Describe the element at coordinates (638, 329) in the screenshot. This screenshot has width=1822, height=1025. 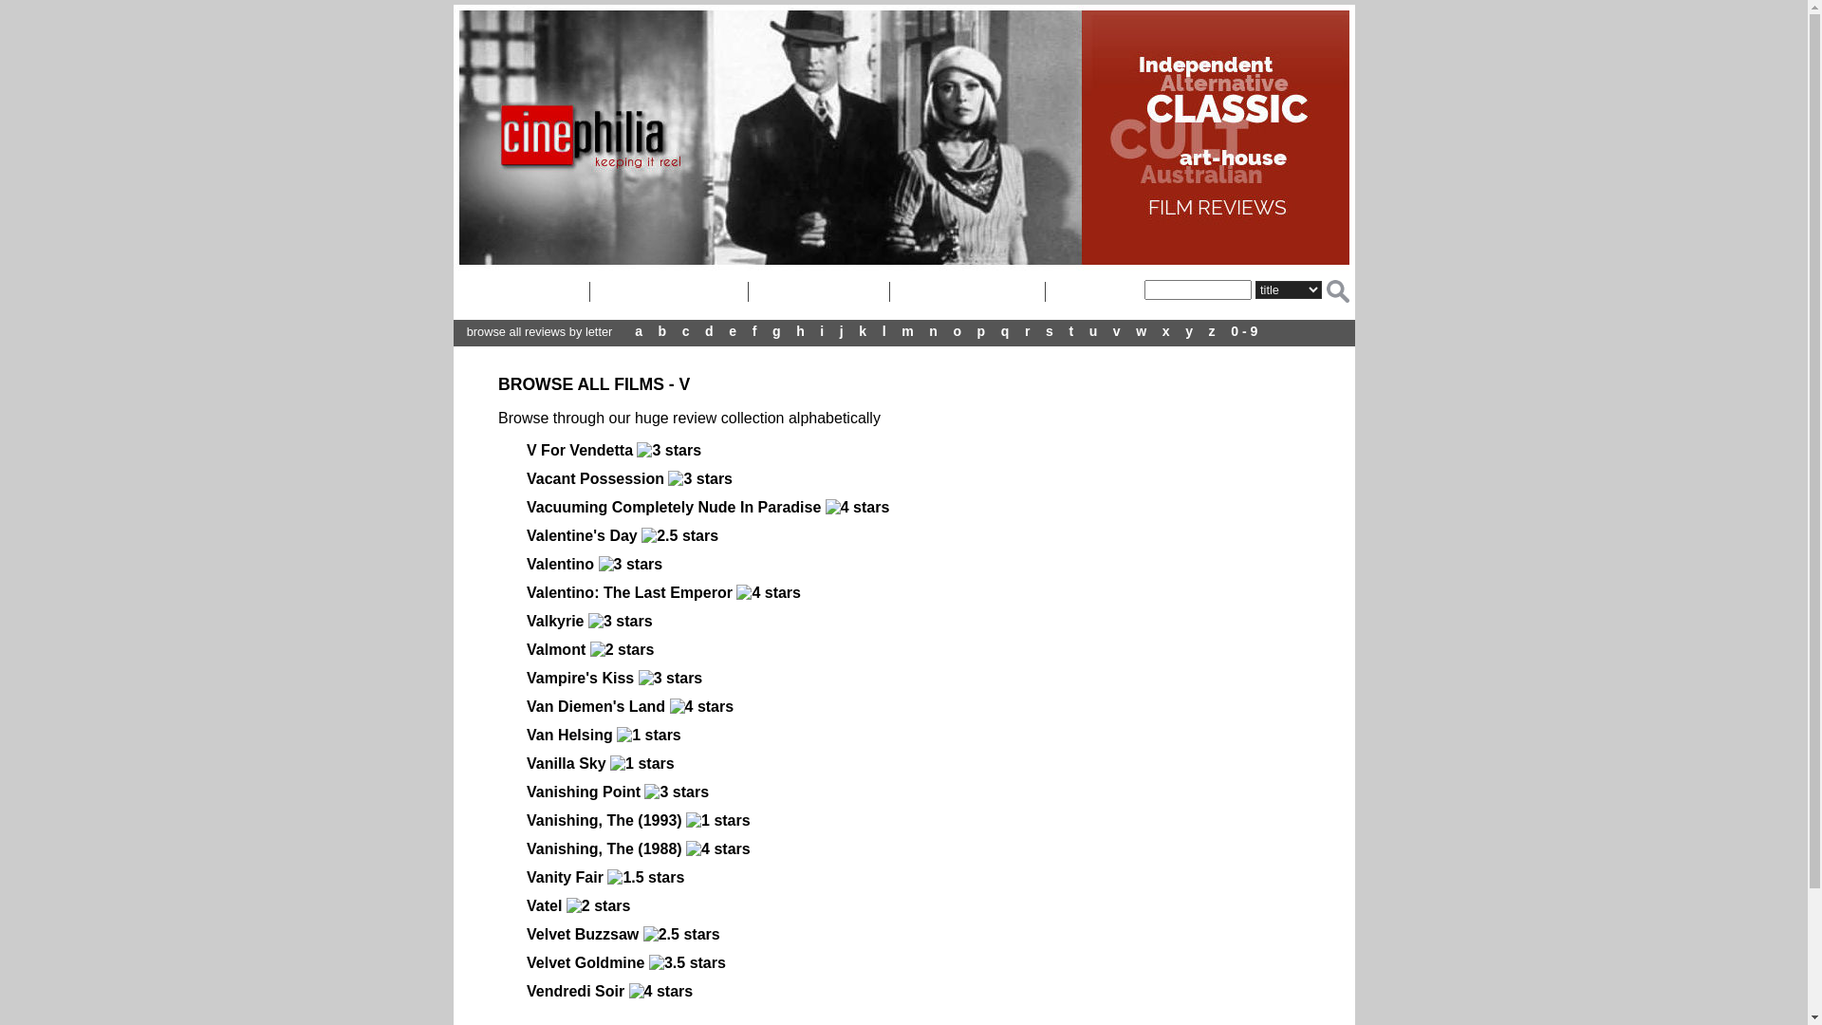
I see `'a'` at that location.